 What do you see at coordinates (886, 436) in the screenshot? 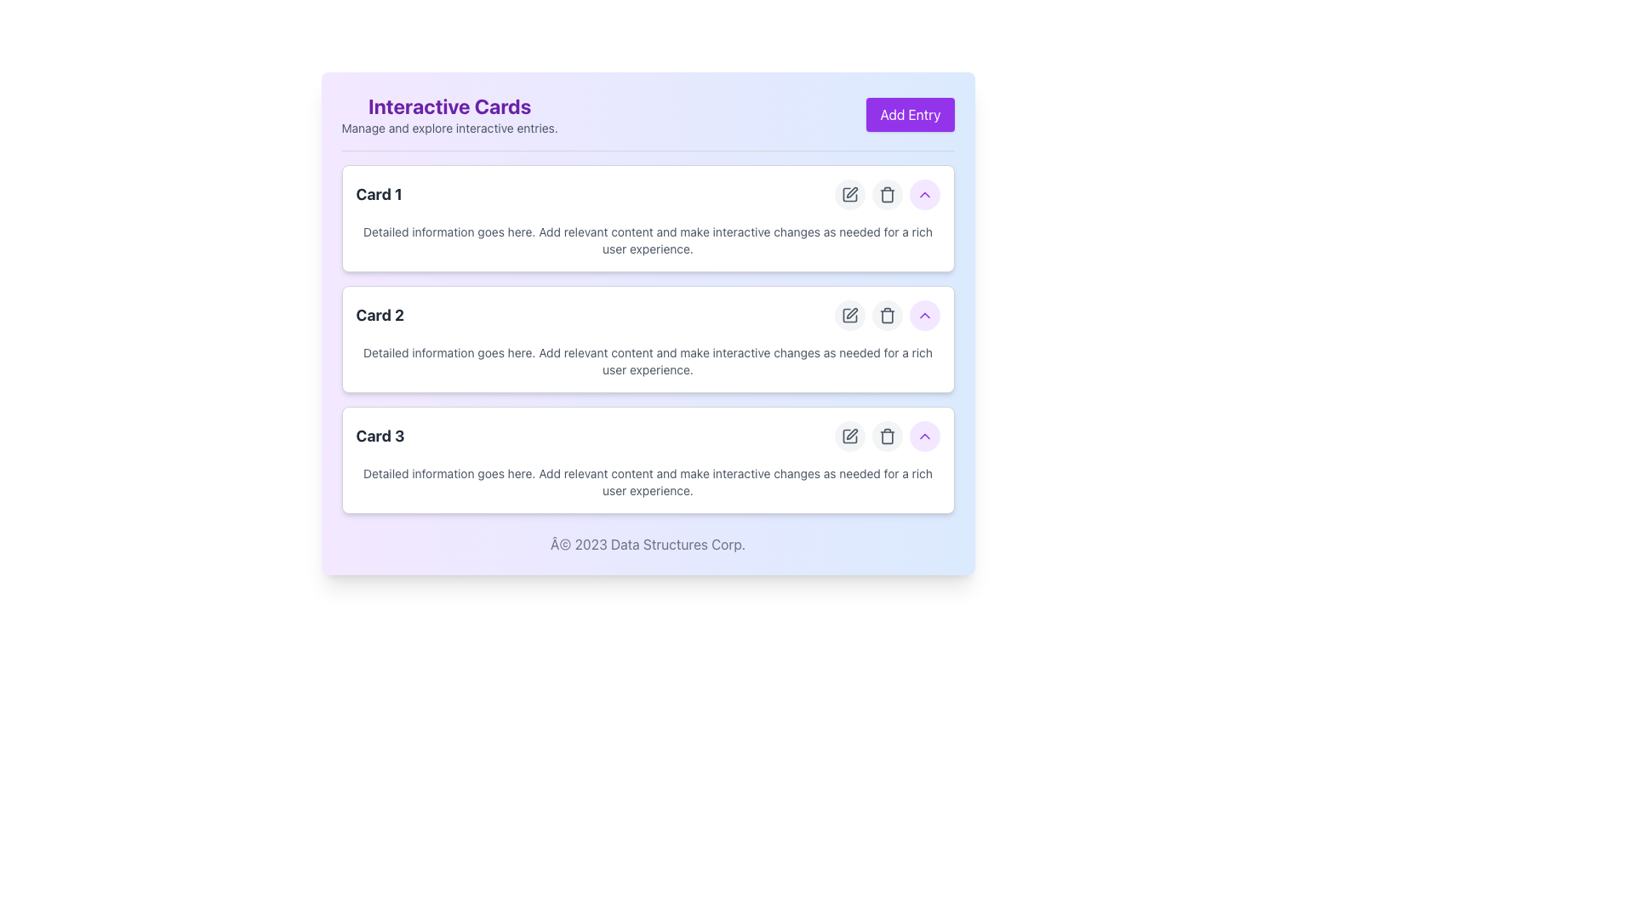
I see `any of the individual buttons in the horizontal group of action buttons located on the right side of Card 3` at bounding box center [886, 436].